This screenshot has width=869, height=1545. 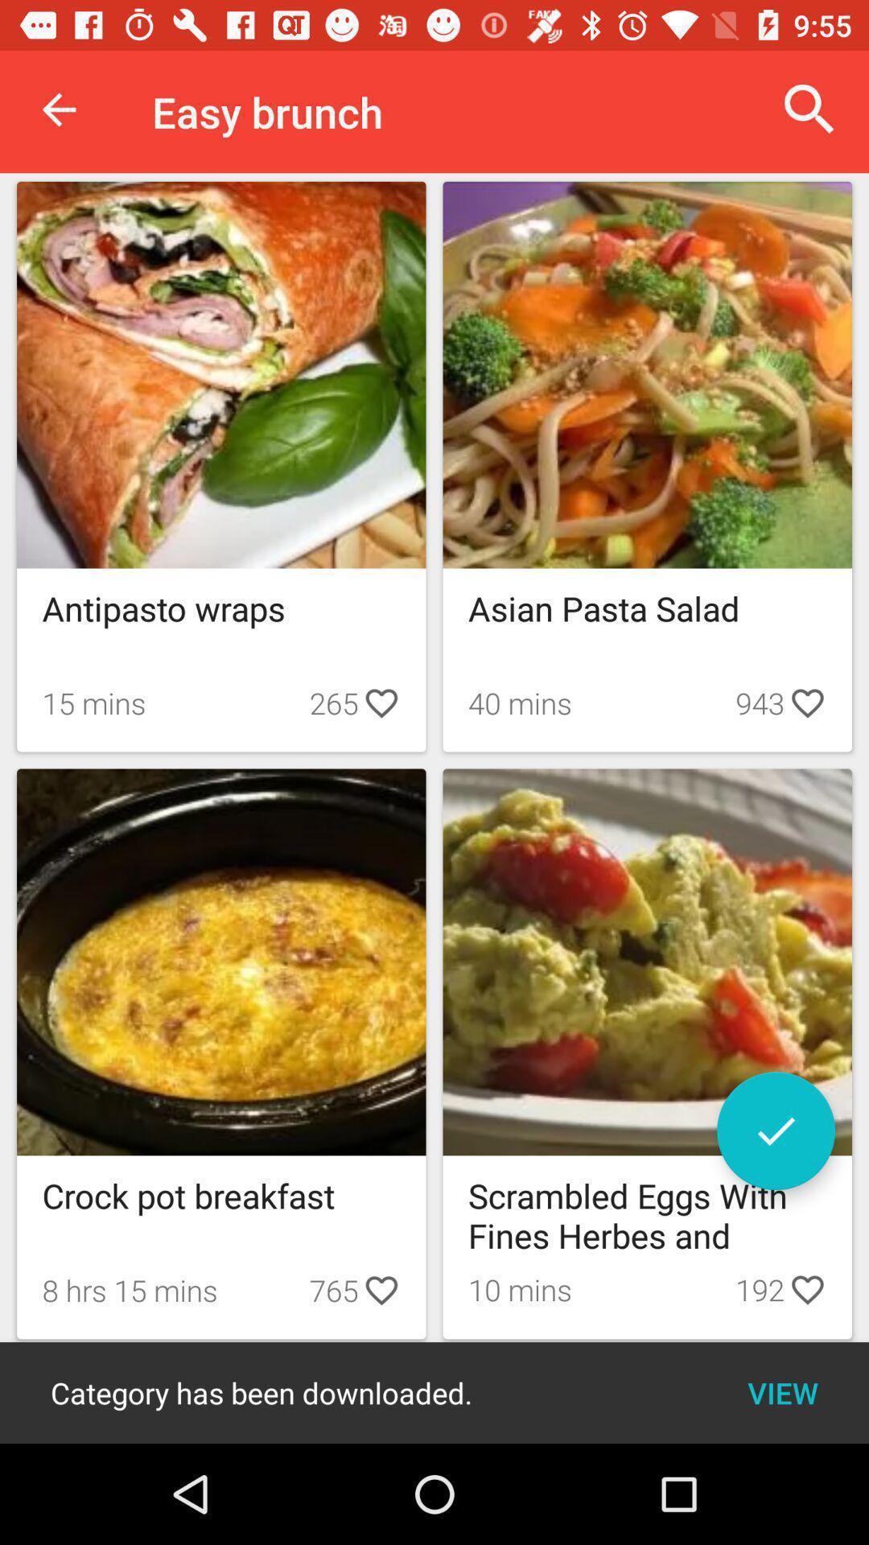 What do you see at coordinates (782, 1392) in the screenshot?
I see `item next to category has been icon` at bounding box center [782, 1392].